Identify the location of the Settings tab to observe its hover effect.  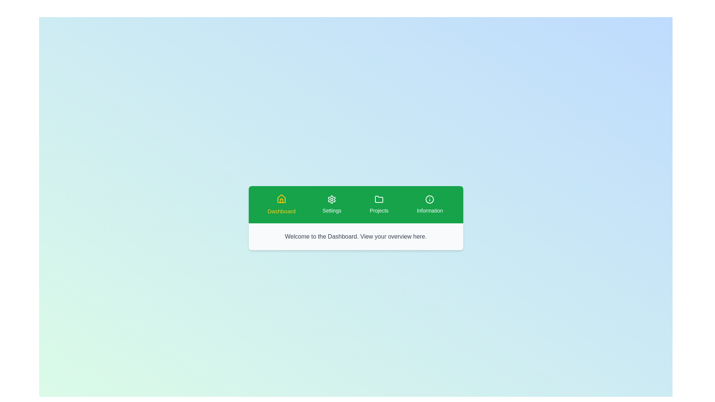
(331, 205).